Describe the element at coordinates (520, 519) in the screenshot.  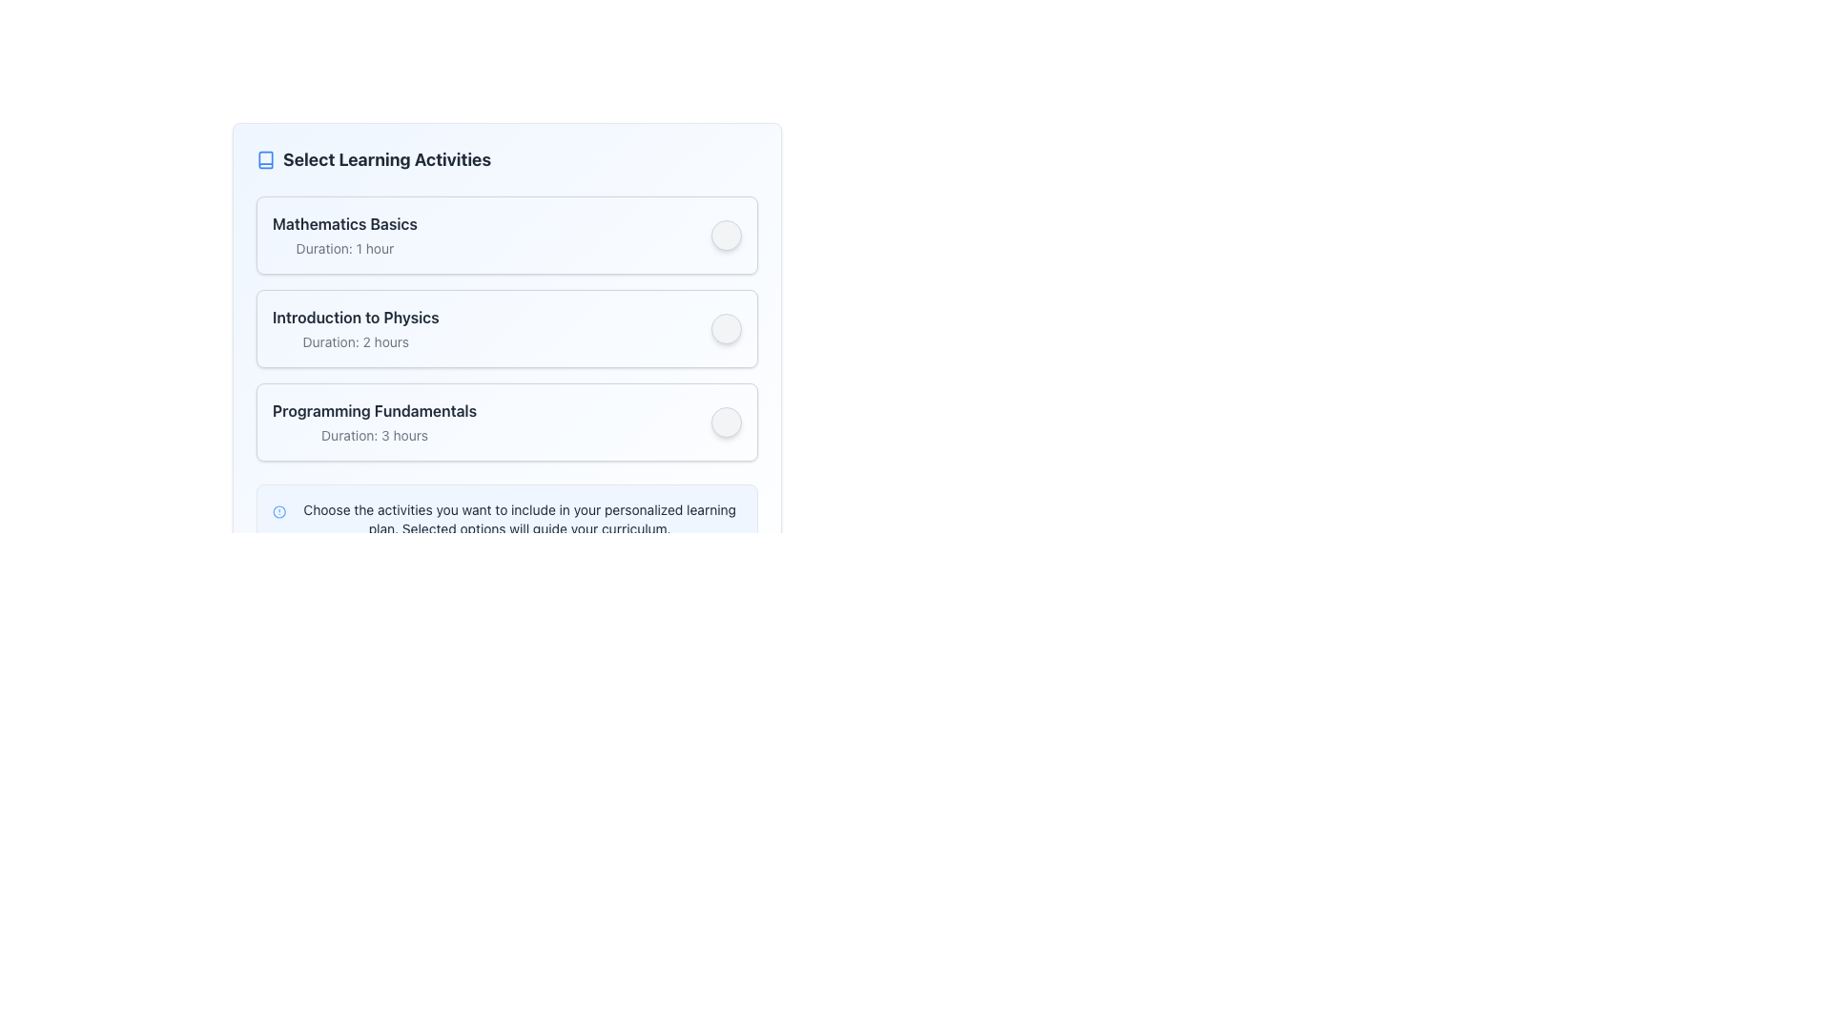
I see `the informational text block that provides guidance about selecting activities for a personalized learning plan, which is styled in gray and located at the bottom of the section` at that location.